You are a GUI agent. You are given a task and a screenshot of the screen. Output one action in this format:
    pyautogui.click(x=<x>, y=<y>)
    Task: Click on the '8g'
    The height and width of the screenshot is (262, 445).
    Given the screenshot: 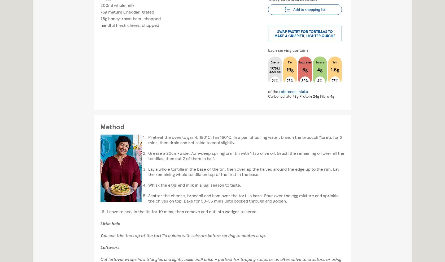 What is the action you would take?
    pyautogui.click(x=305, y=69)
    